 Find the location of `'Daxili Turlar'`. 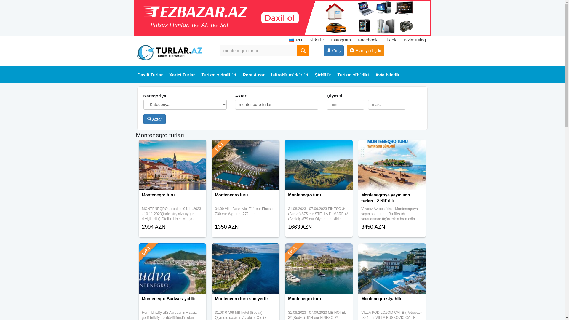

'Daxili Turlar' is located at coordinates (133, 75).